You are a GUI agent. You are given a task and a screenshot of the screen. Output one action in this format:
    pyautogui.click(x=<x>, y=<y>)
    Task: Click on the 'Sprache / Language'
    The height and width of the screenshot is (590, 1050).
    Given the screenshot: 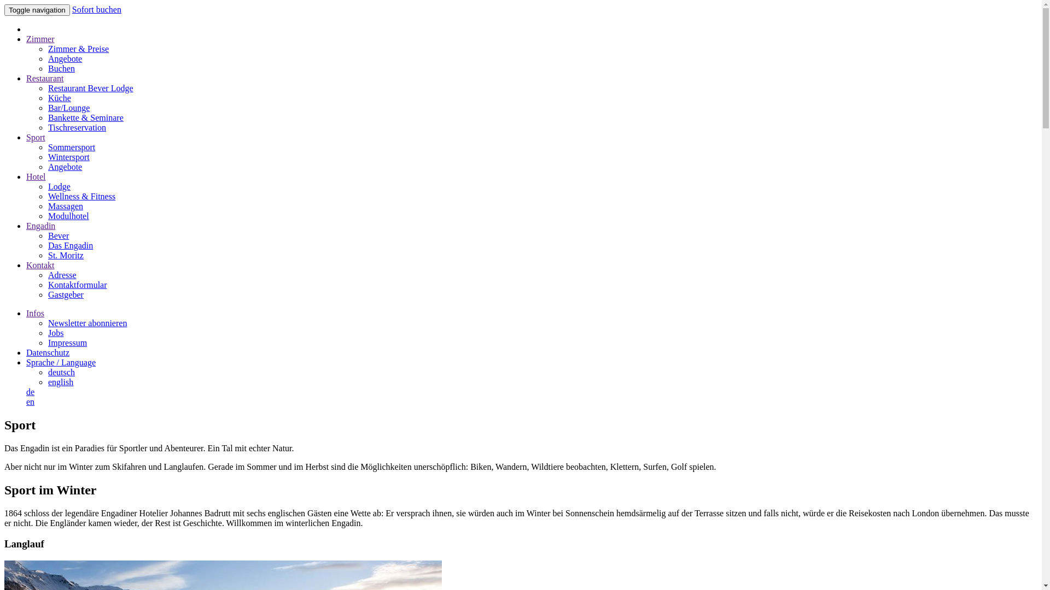 What is the action you would take?
    pyautogui.click(x=26, y=362)
    